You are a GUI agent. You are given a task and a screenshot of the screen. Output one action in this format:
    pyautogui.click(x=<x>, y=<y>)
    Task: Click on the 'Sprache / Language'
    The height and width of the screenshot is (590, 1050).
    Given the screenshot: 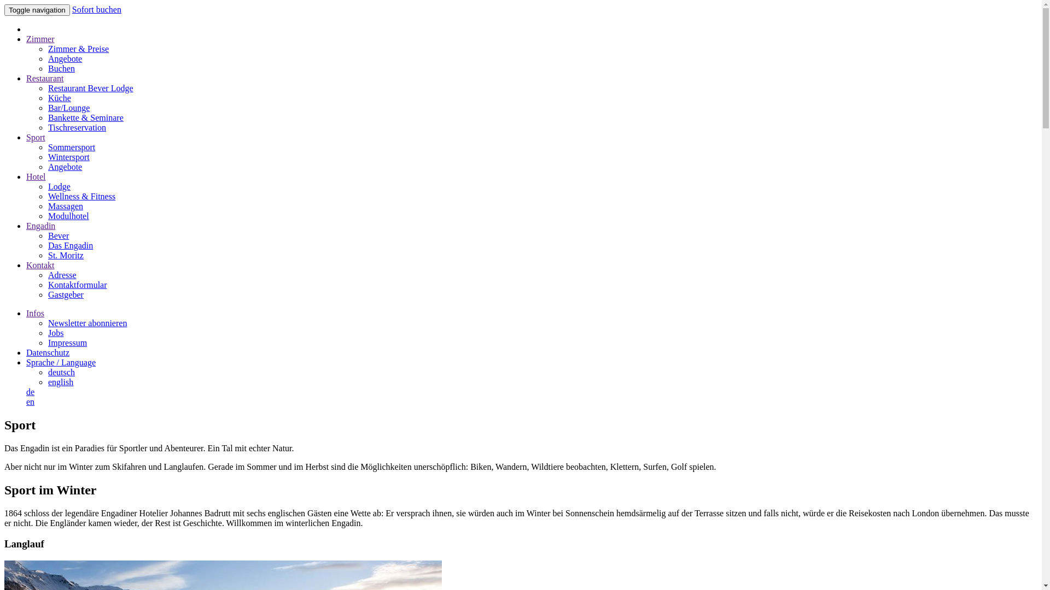 What is the action you would take?
    pyautogui.click(x=26, y=362)
    